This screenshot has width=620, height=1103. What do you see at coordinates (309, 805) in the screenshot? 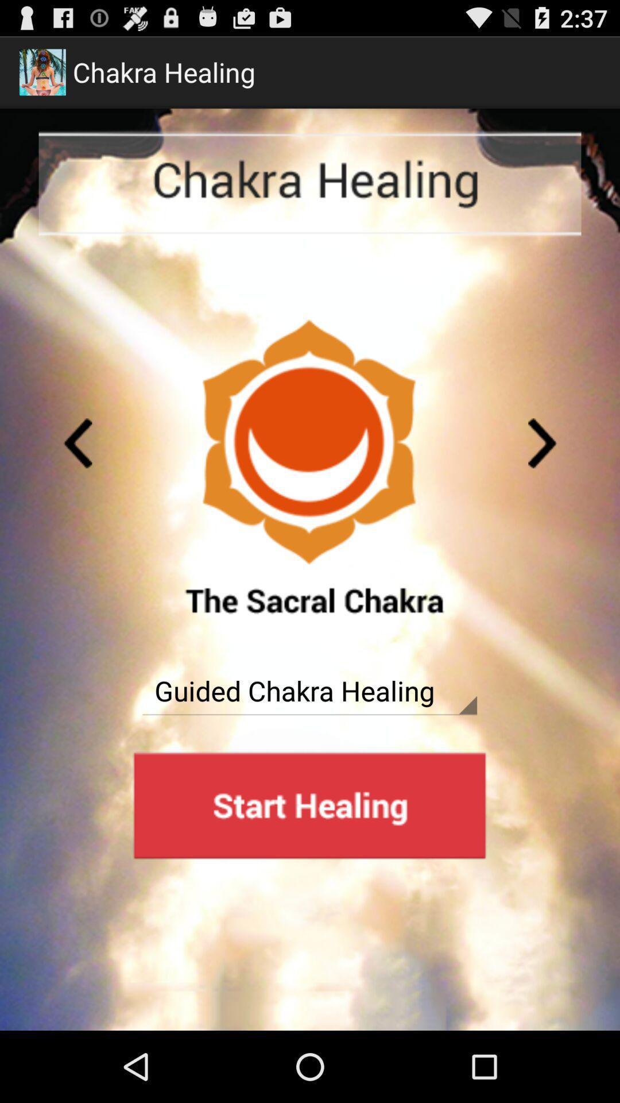
I see `advertisement page` at bounding box center [309, 805].